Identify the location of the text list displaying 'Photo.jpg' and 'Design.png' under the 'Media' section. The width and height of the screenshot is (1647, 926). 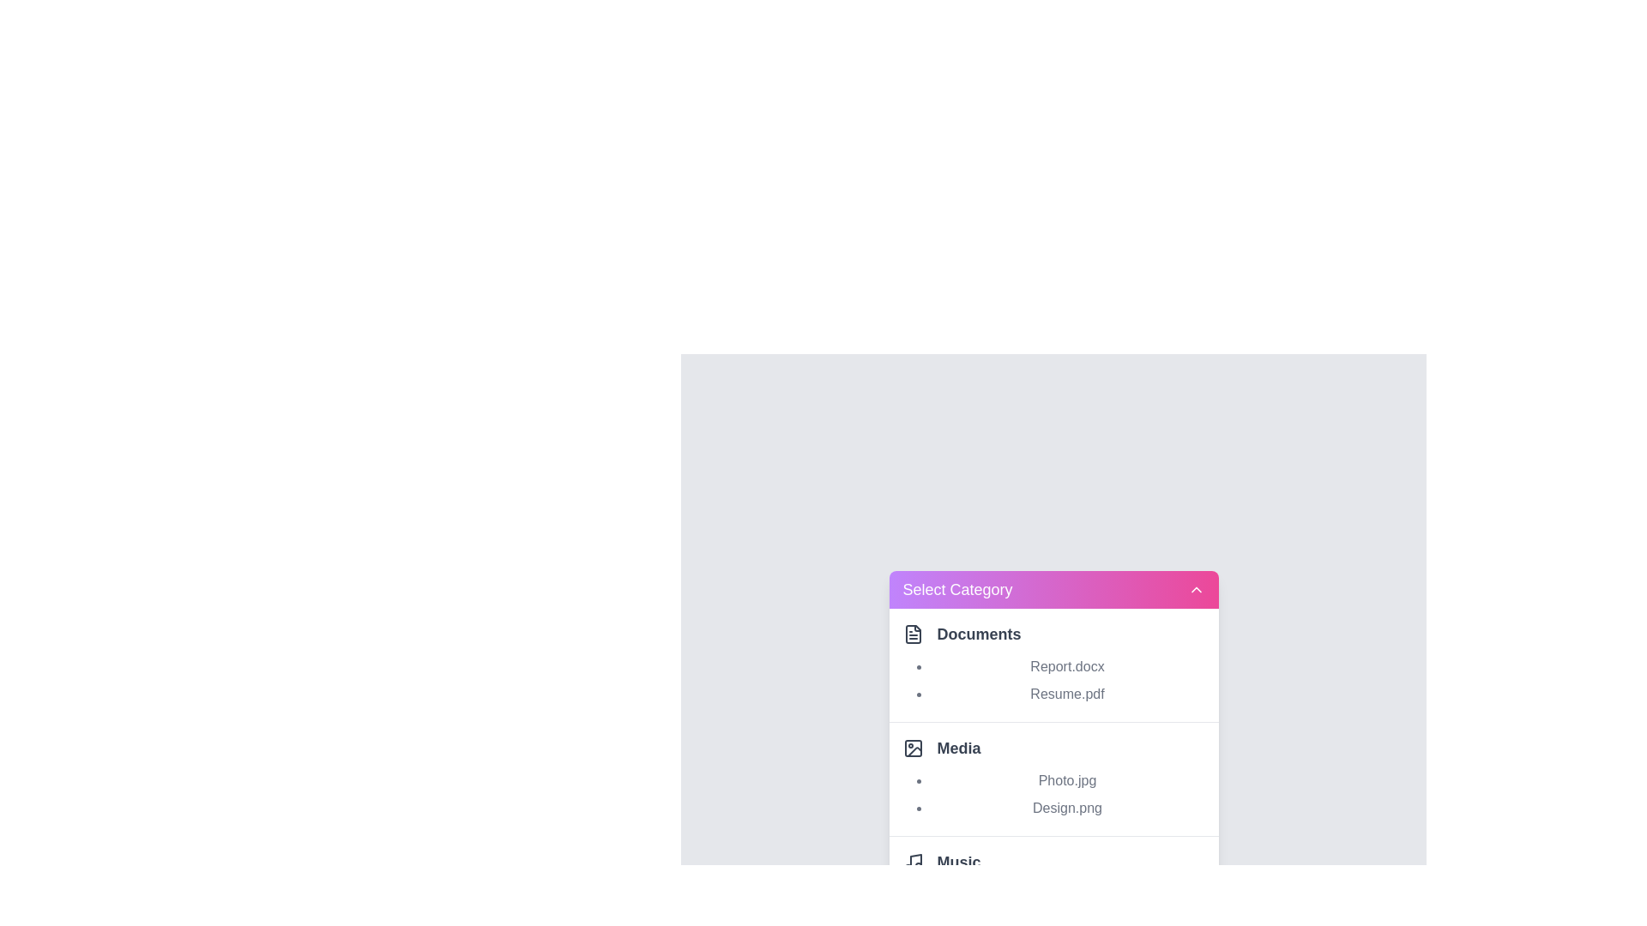
(1066, 794).